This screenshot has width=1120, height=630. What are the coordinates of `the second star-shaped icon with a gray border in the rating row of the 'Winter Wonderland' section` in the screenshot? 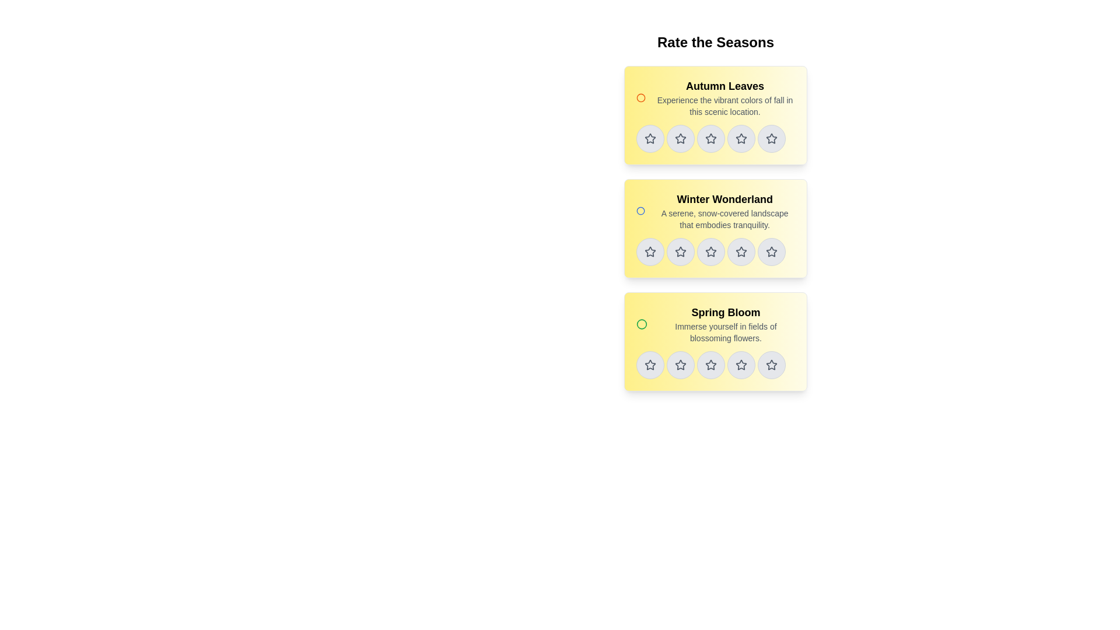 It's located at (649, 251).